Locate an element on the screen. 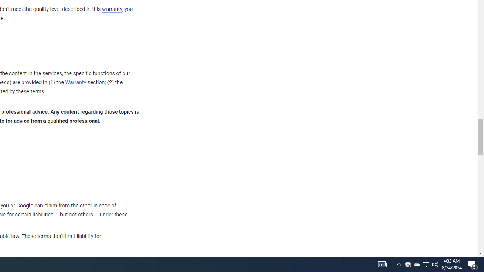 Image resolution: width=484 pixels, height=272 pixels. 'Warranty' is located at coordinates (76, 83).